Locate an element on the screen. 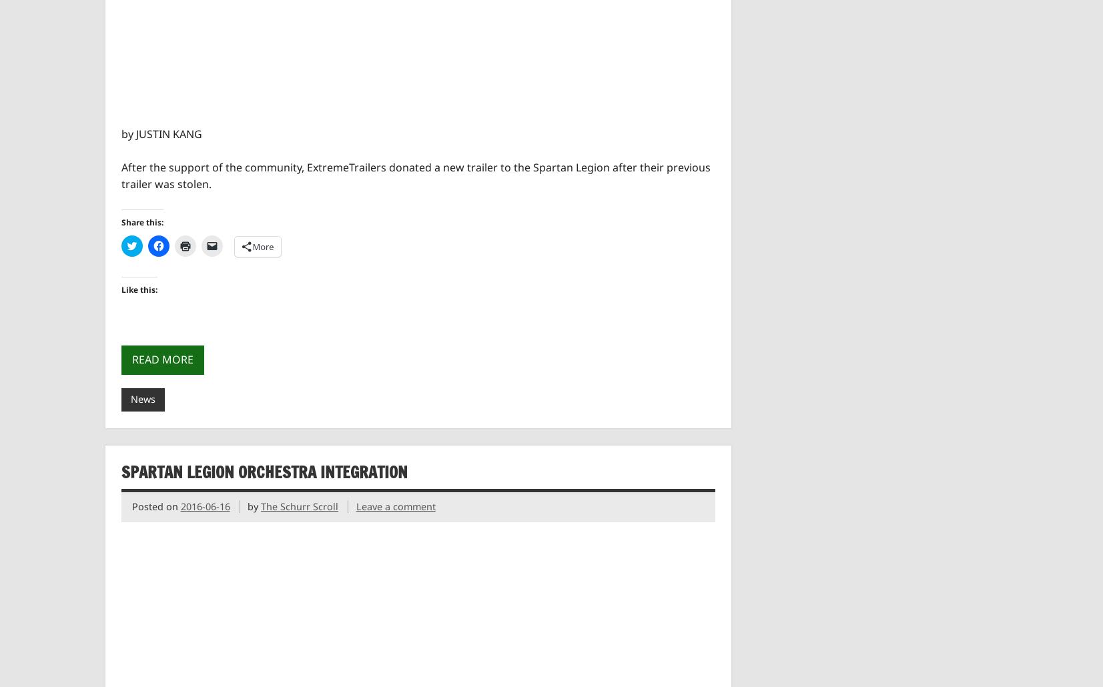 This screenshot has width=1103, height=687. 'More' is located at coordinates (262, 246).